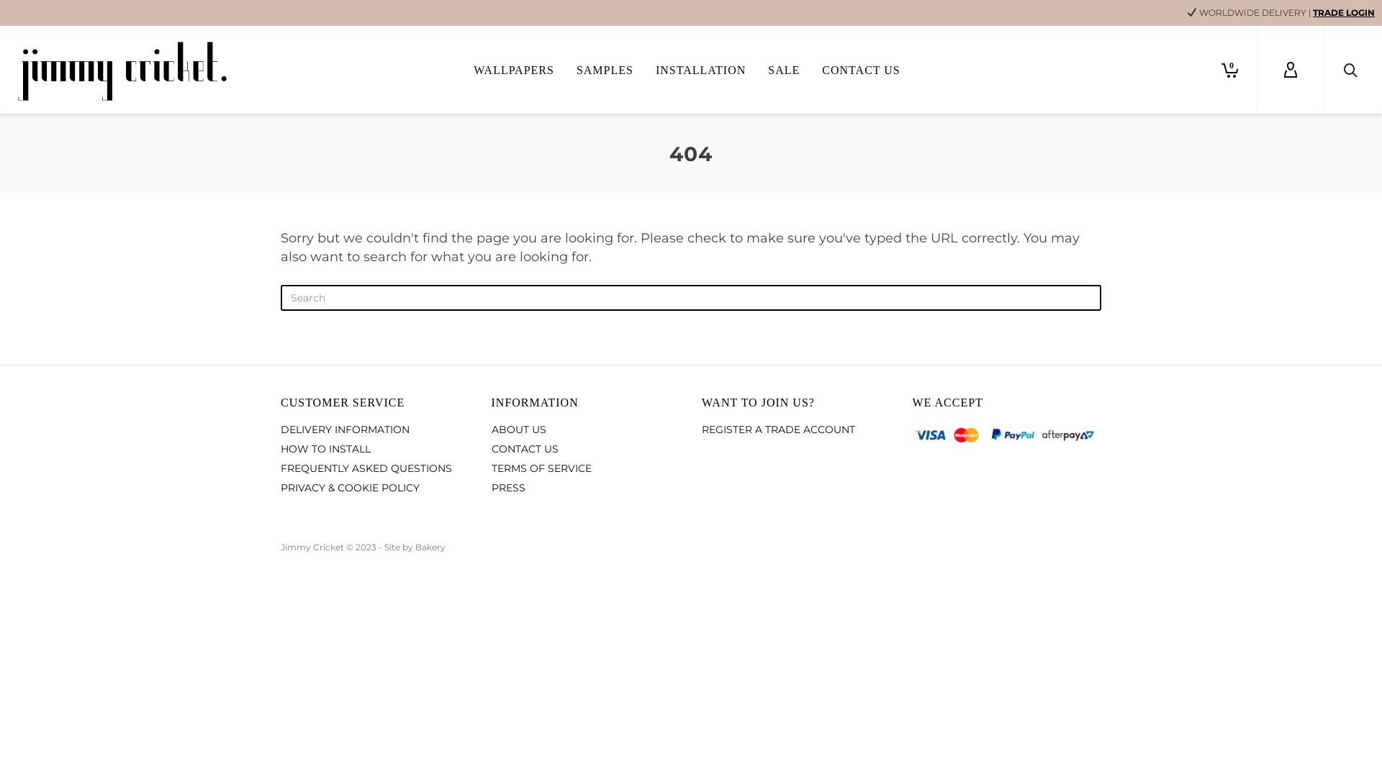  What do you see at coordinates (375, 487) in the screenshot?
I see `'PRIVACY & COOKIE POLICY'` at bounding box center [375, 487].